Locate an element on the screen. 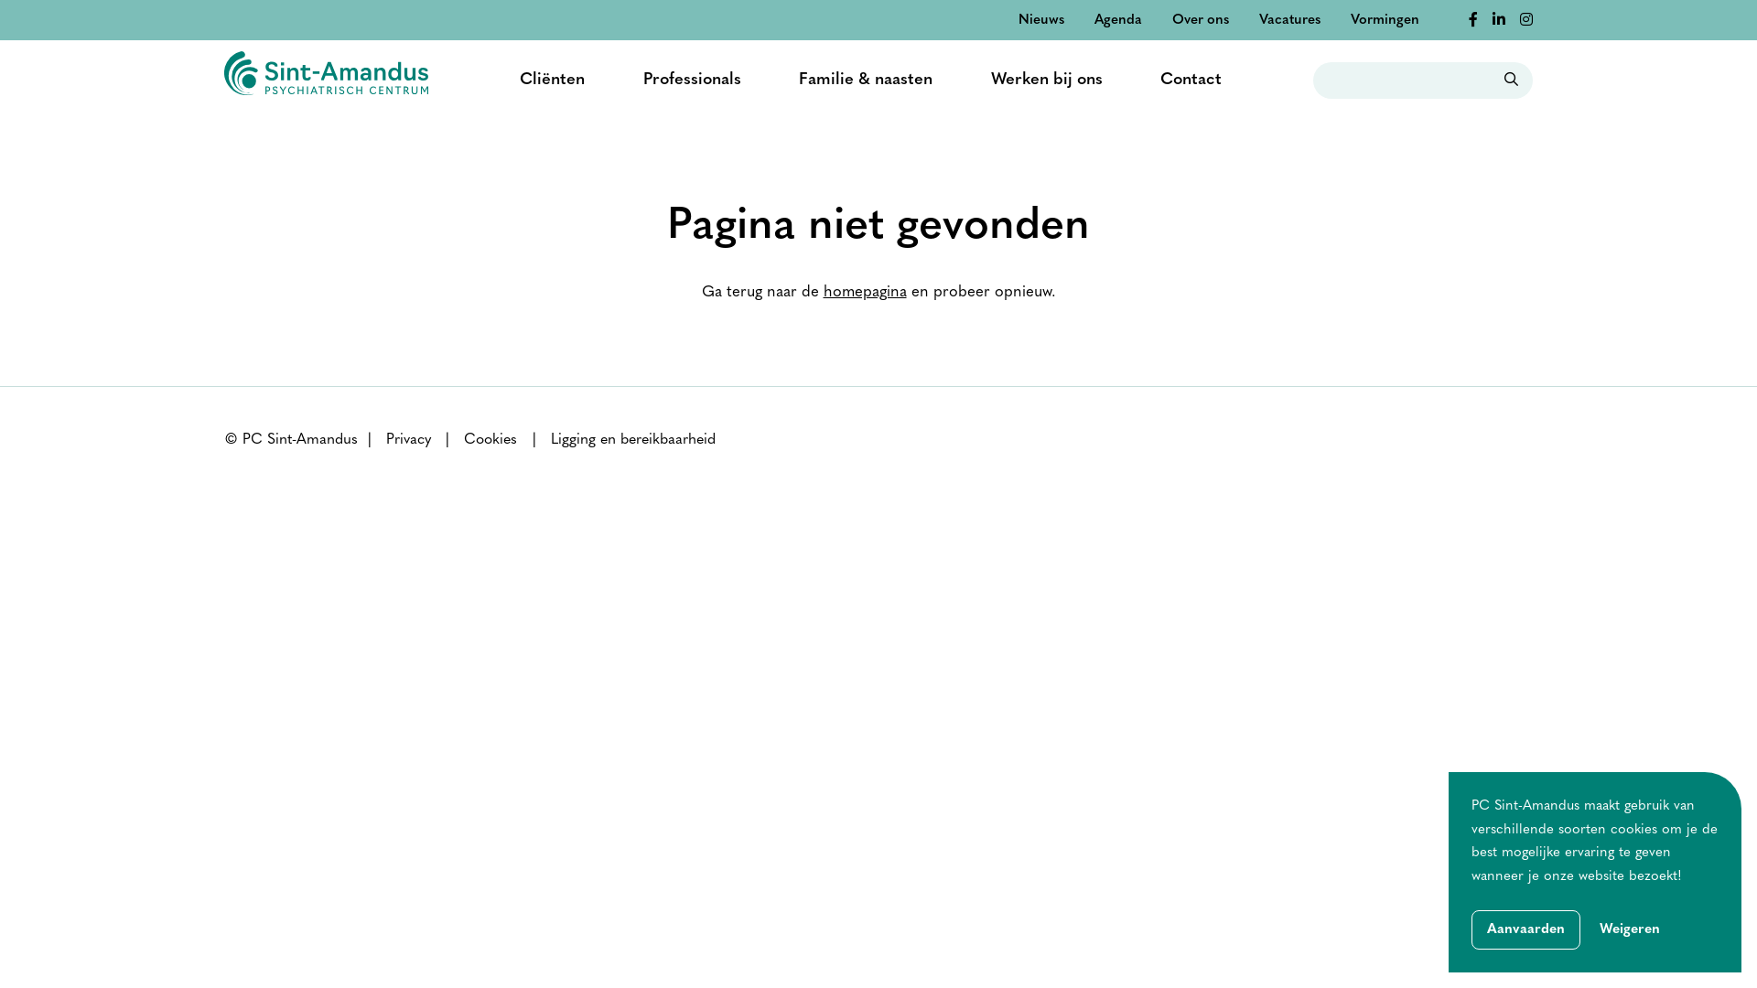 The height and width of the screenshot is (988, 1757). 'Privacy' is located at coordinates (407, 440).